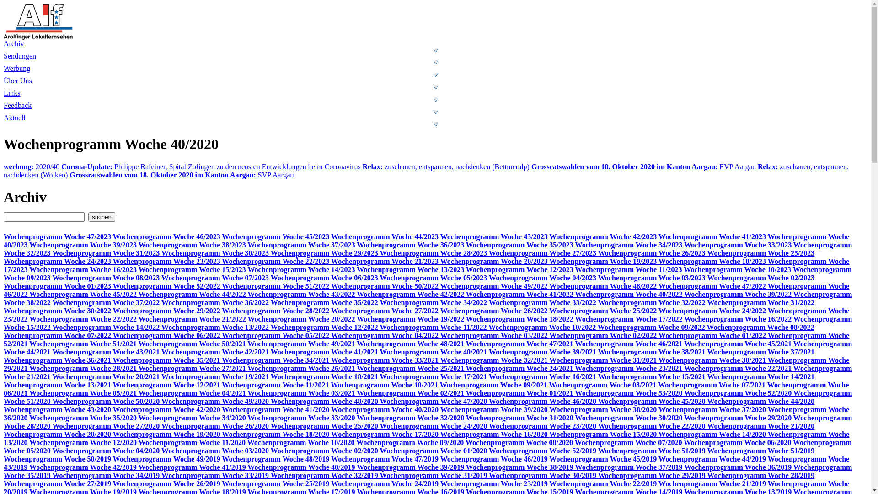 This screenshot has width=878, height=494. What do you see at coordinates (58, 236) in the screenshot?
I see `'Wochenprogramm Woche 47/2023'` at bounding box center [58, 236].